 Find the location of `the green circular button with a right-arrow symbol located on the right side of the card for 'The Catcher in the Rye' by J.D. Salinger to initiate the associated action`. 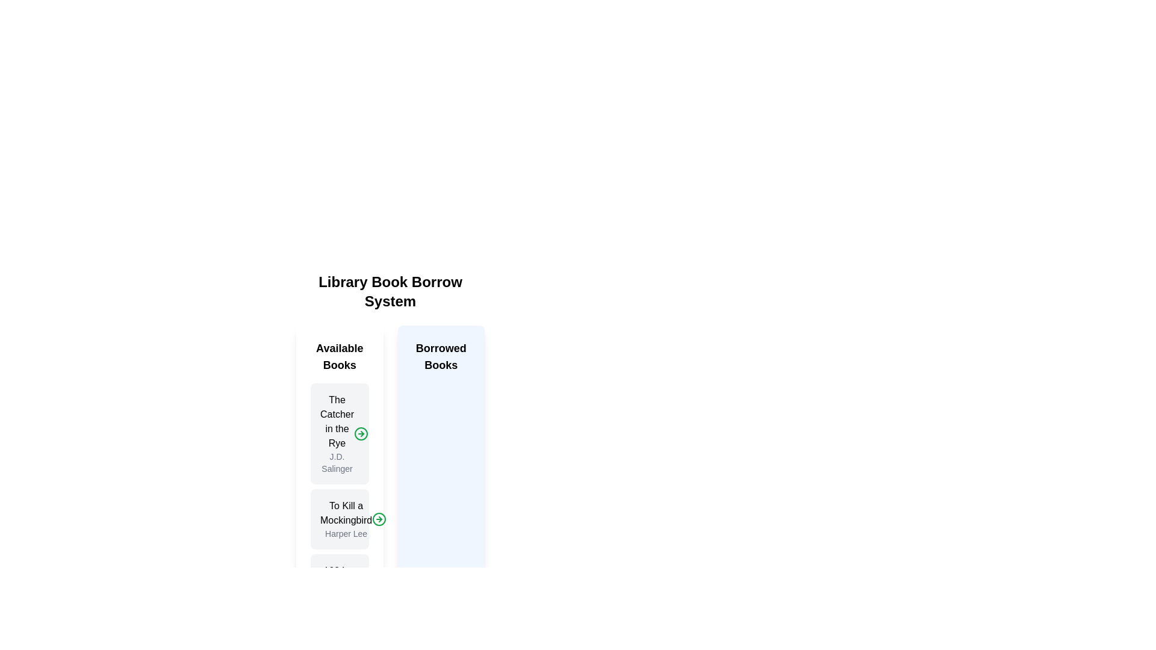

the green circular button with a right-arrow symbol located on the right side of the card for 'The Catcher in the Rye' by J.D. Salinger to initiate the associated action is located at coordinates (361, 434).